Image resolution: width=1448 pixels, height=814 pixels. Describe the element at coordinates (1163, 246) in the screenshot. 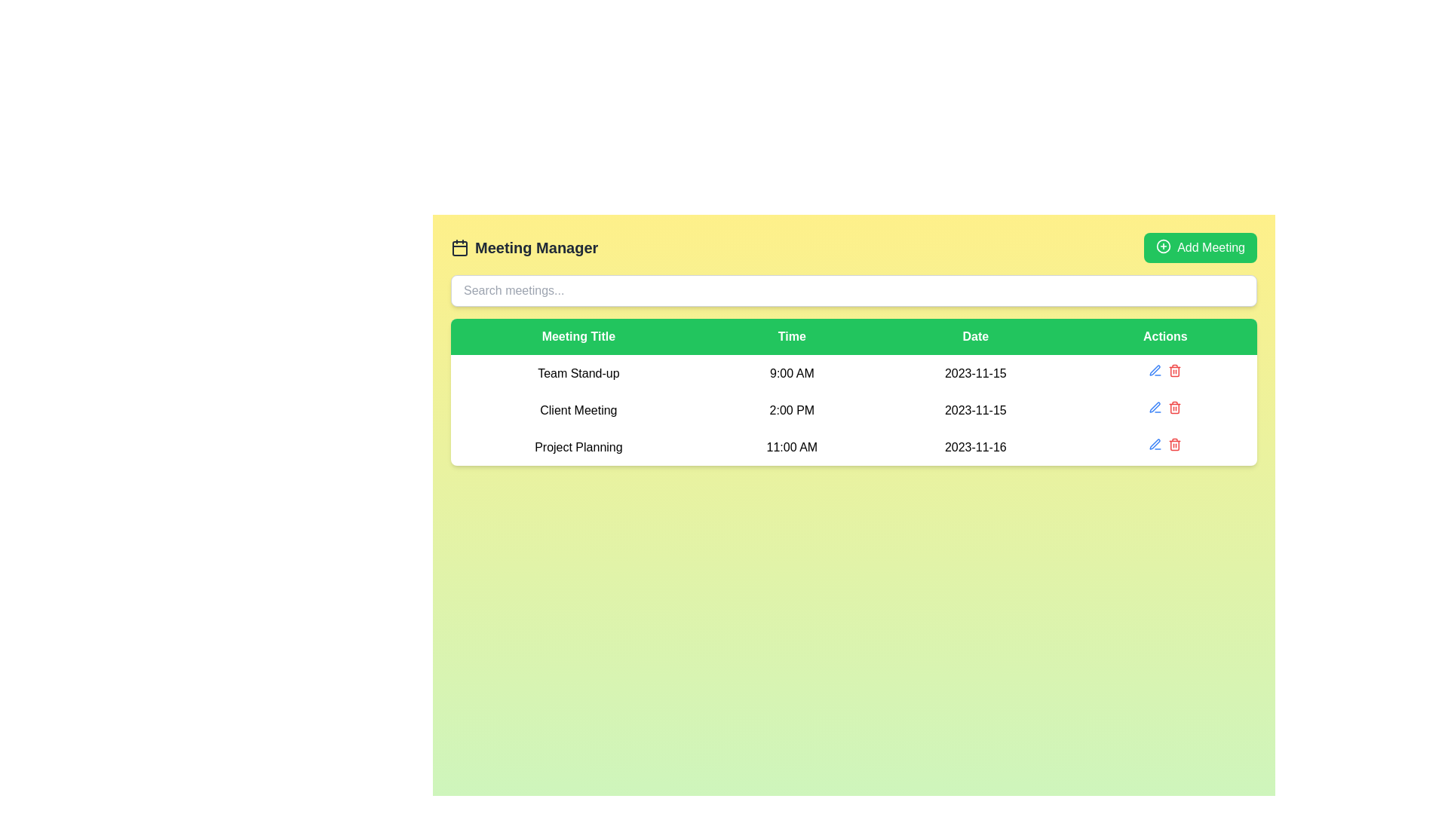

I see `the SVG circle component of the 'Add Meeting' button, which is part of the plus sign icon located at the top-right corner of the interface` at that location.